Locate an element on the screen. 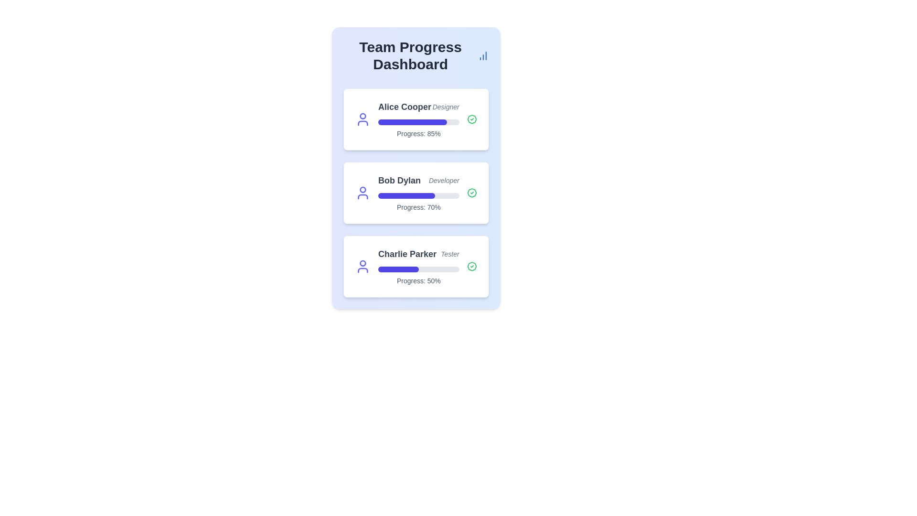 The width and height of the screenshot is (917, 516). the filled portion of the progress bar indicating 50% completion for Charlie Parker, located in the third card of the dashboard is located at coordinates (398, 269).